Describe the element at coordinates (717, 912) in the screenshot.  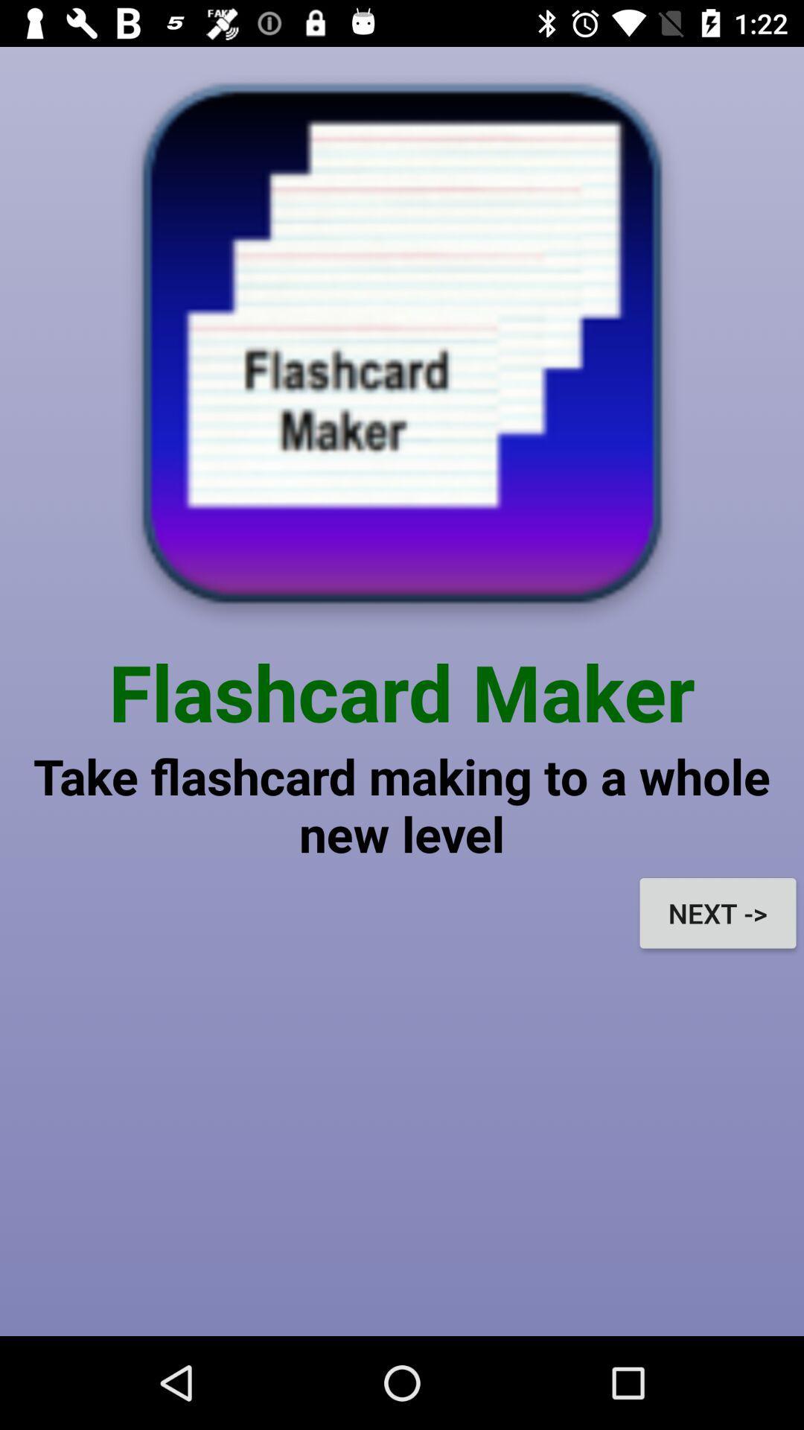
I see `the icon on the right` at that location.